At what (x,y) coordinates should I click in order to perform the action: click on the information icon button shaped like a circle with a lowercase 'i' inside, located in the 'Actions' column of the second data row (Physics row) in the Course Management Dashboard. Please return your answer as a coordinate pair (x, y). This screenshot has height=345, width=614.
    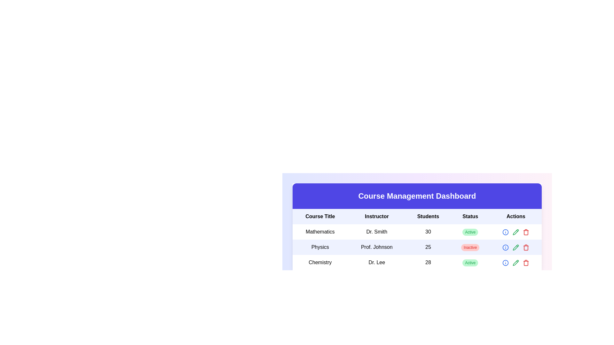
    Looking at the image, I should click on (505, 247).